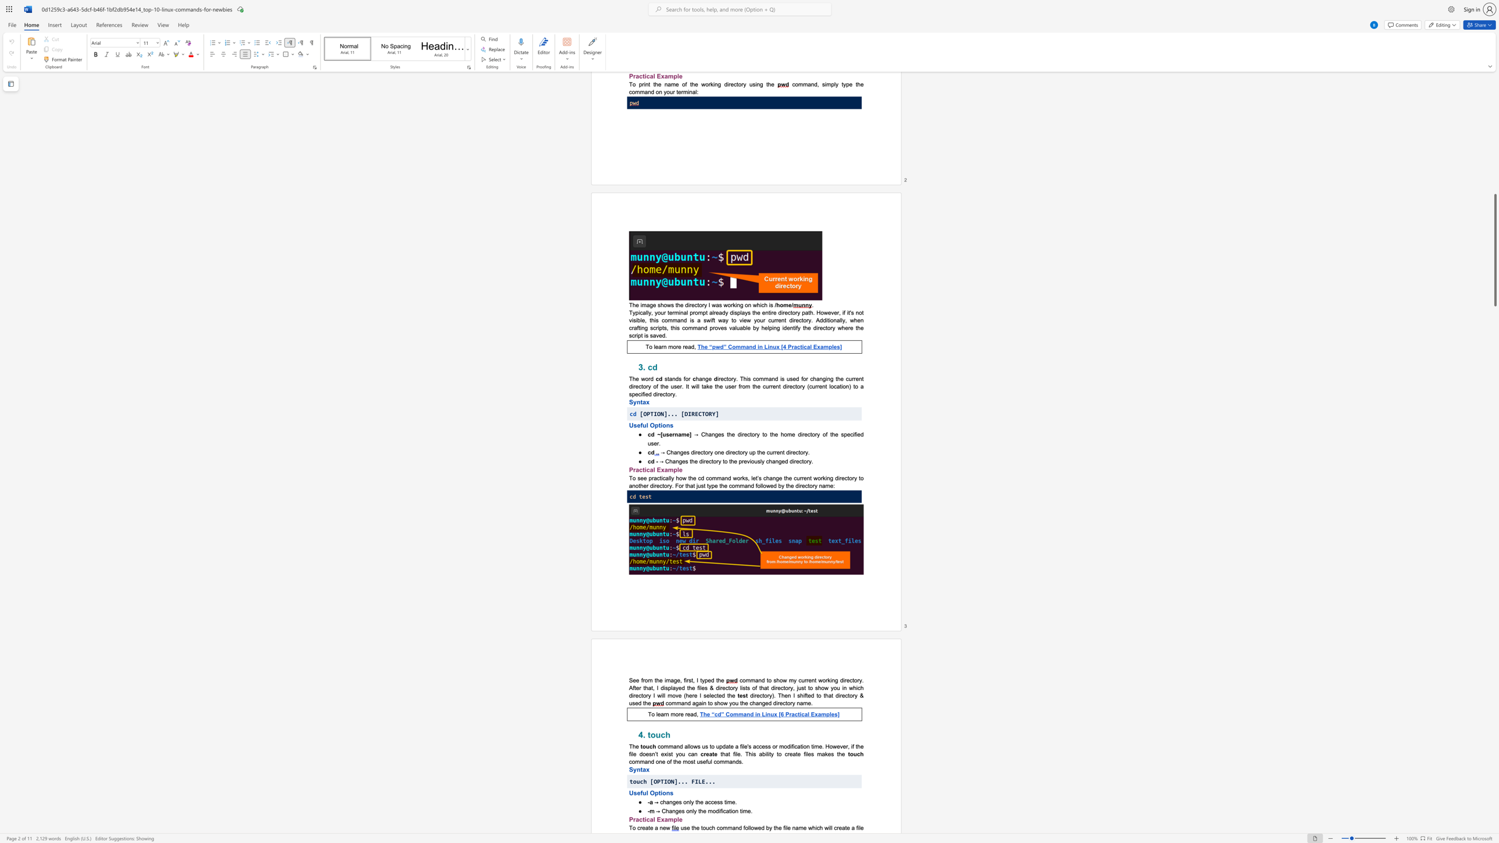  What do you see at coordinates (663, 753) in the screenshot?
I see `the subset text "xis" within the text "exist you can"` at bounding box center [663, 753].